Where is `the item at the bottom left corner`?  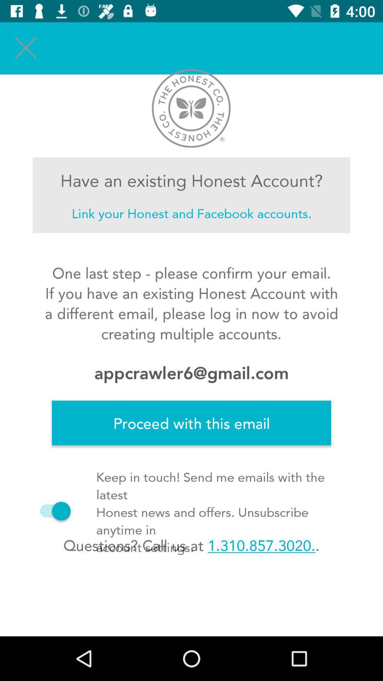
the item at the bottom left corner is located at coordinates (51, 511).